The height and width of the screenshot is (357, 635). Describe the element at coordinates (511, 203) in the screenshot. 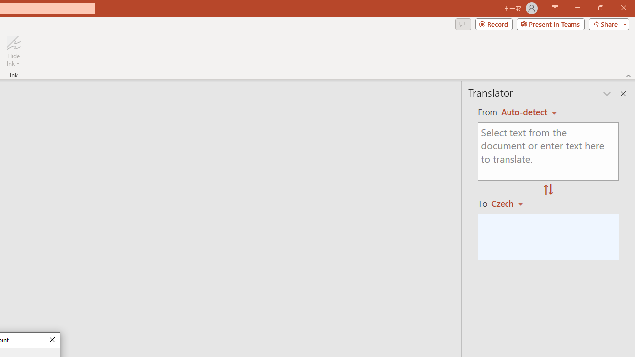

I see `'Czech'` at that location.